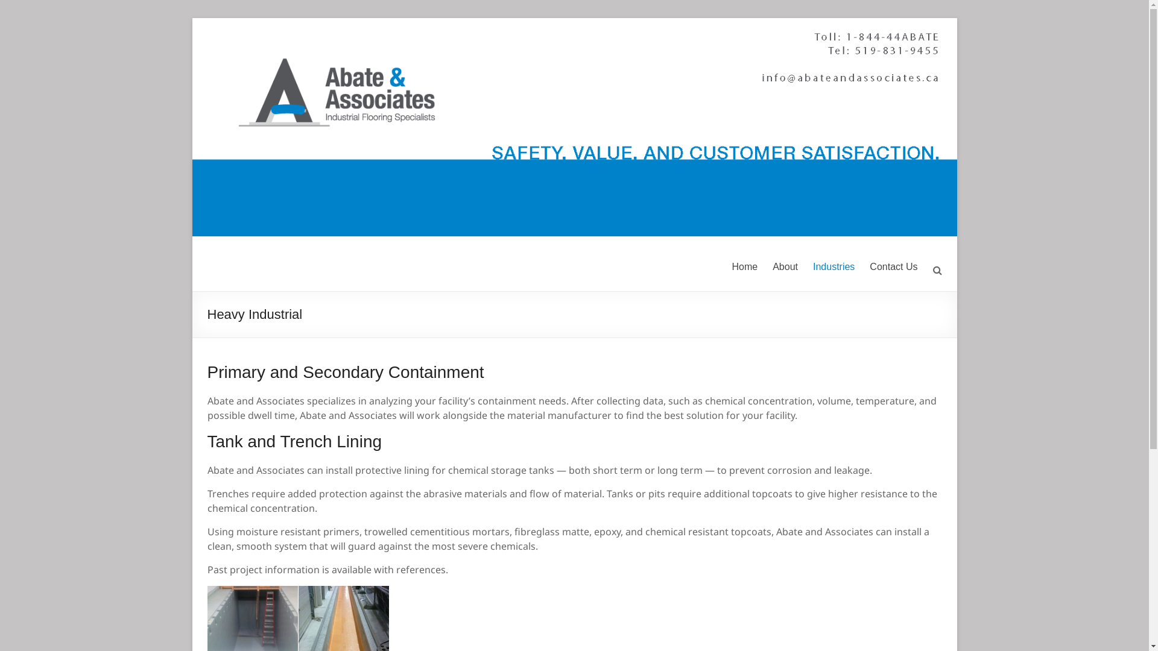 The height and width of the screenshot is (651, 1158). What do you see at coordinates (833, 266) in the screenshot?
I see `'Industries'` at bounding box center [833, 266].